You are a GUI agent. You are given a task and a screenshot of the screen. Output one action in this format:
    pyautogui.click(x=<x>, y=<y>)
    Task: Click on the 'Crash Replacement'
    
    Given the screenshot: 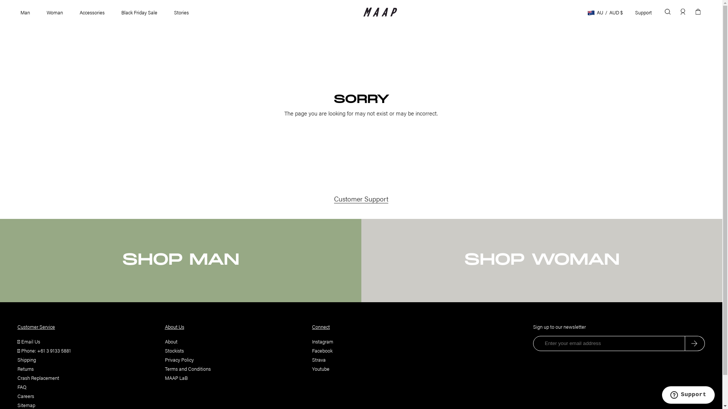 What is the action you would take?
    pyautogui.click(x=38, y=378)
    